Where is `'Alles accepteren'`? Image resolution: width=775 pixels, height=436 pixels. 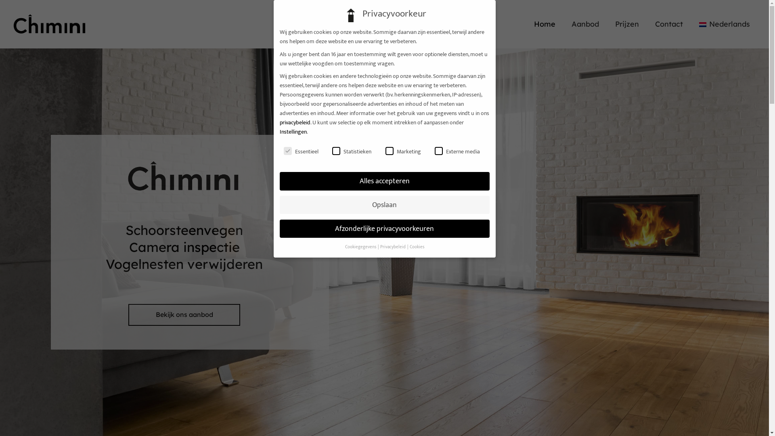 'Alles accepteren' is located at coordinates (279, 180).